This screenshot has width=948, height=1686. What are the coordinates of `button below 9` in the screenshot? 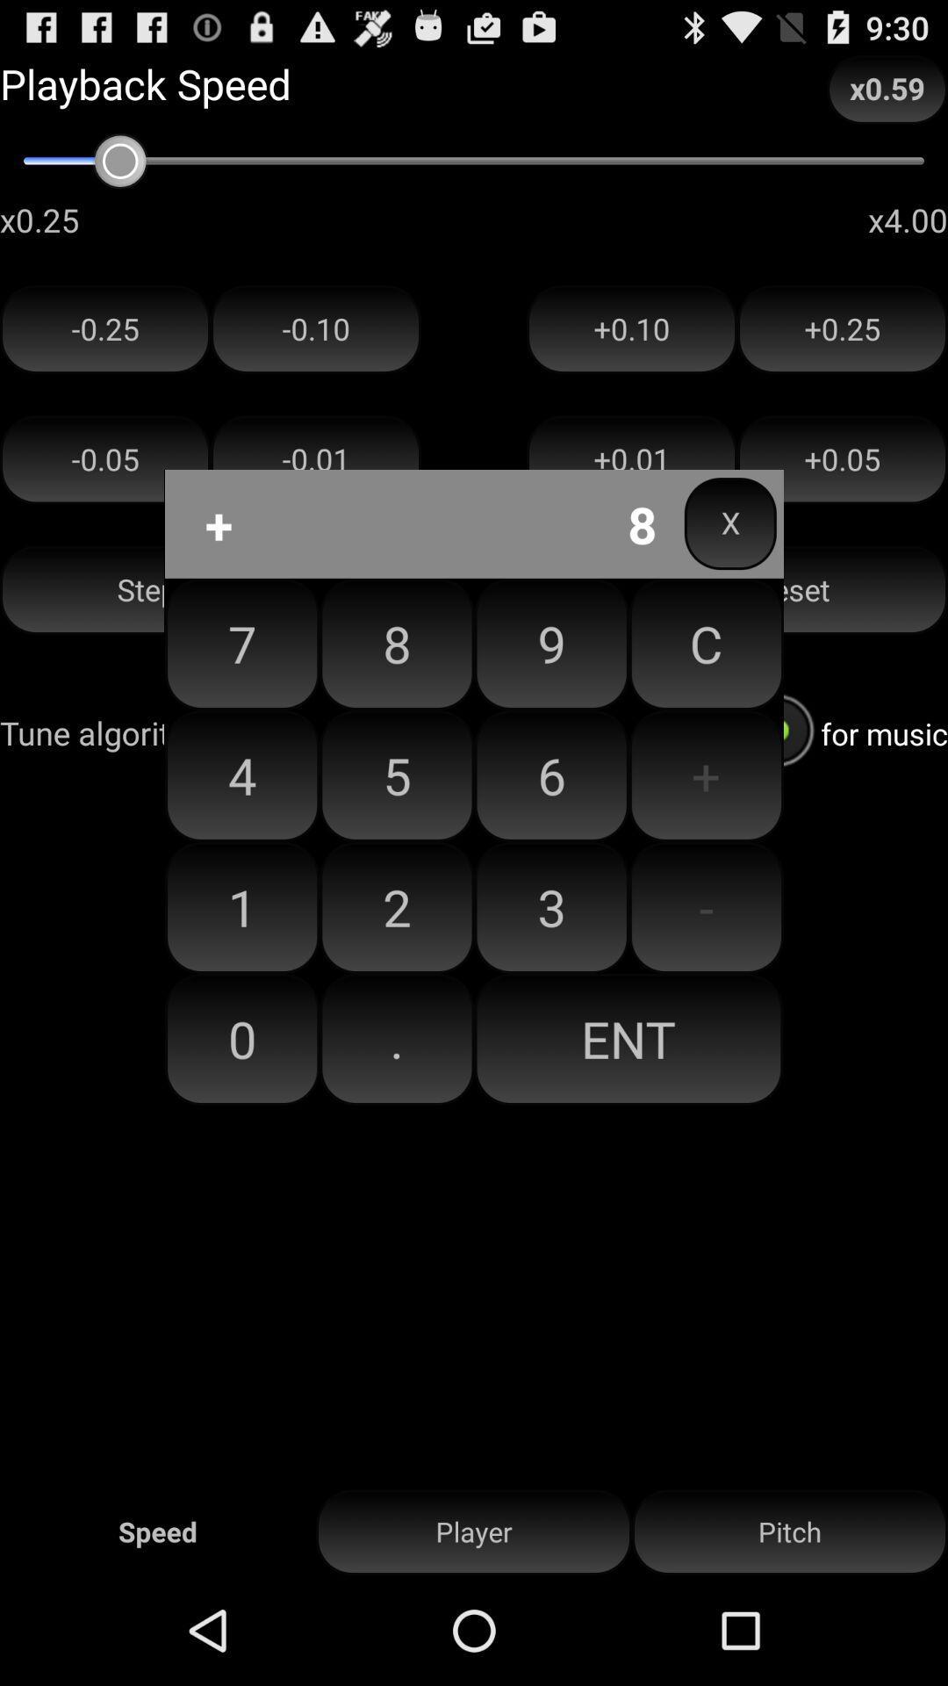 It's located at (705, 775).